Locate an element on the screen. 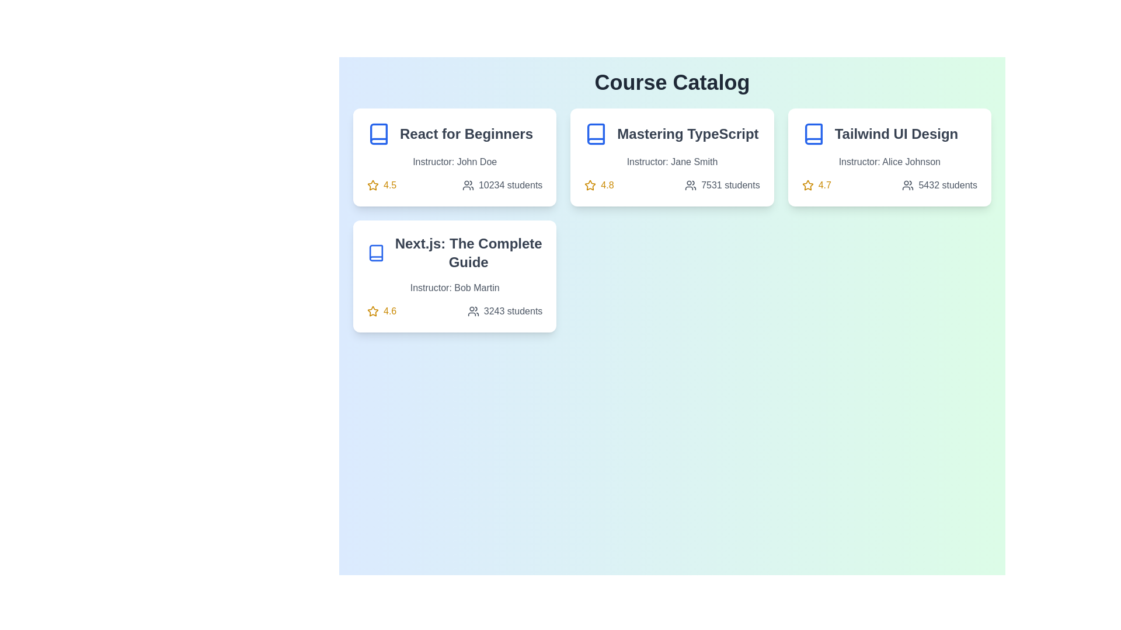 This screenshot has width=1121, height=630. the rating display component is located at coordinates (382, 310).